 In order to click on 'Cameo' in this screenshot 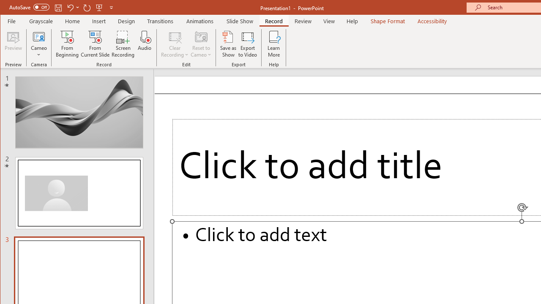, I will do `click(38, 36)`.